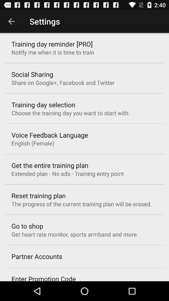 The image size is (169, 301). I want to click on the icon above the reset training plan, so click(67, 173).